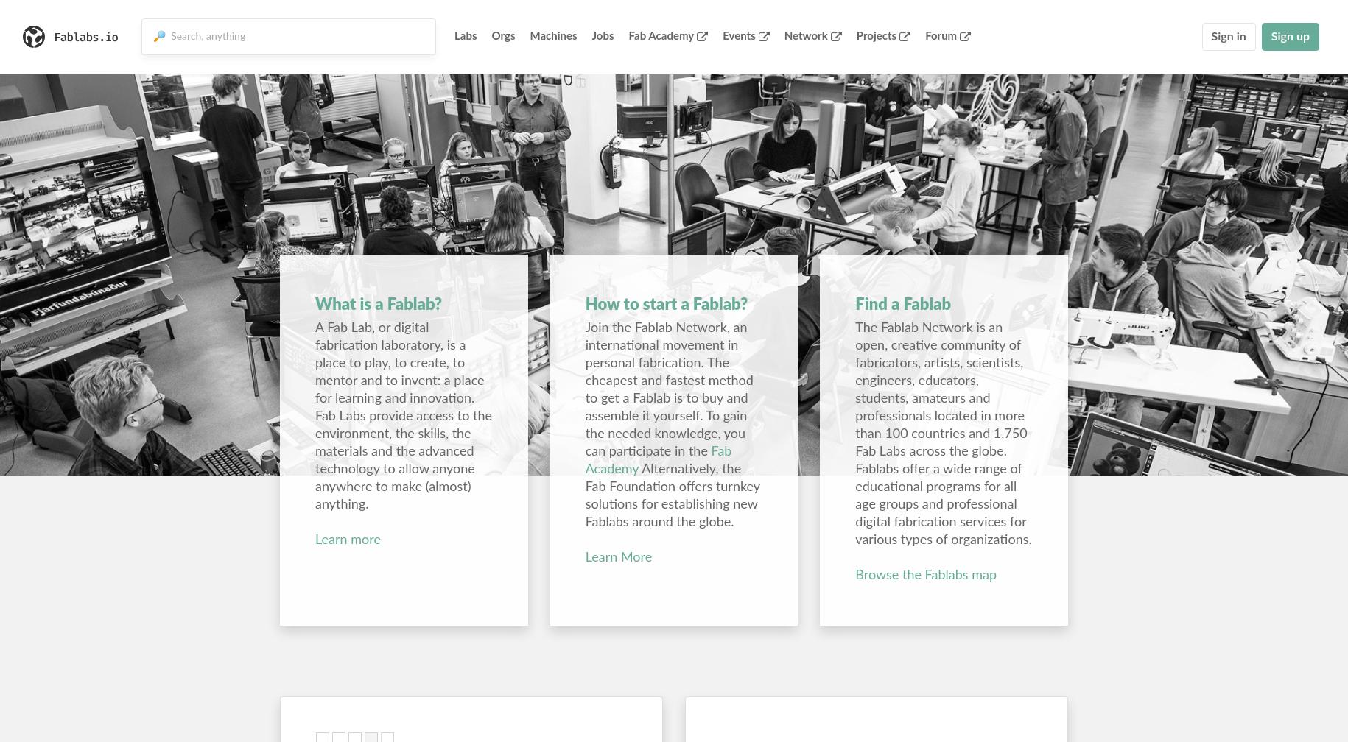 The width and height of the screenshot is (1348, 742). What do you see at coordinates (666, 304) in the screenshot?
I see `'How to start a Fablab?'` at bounding box center [666, 304].